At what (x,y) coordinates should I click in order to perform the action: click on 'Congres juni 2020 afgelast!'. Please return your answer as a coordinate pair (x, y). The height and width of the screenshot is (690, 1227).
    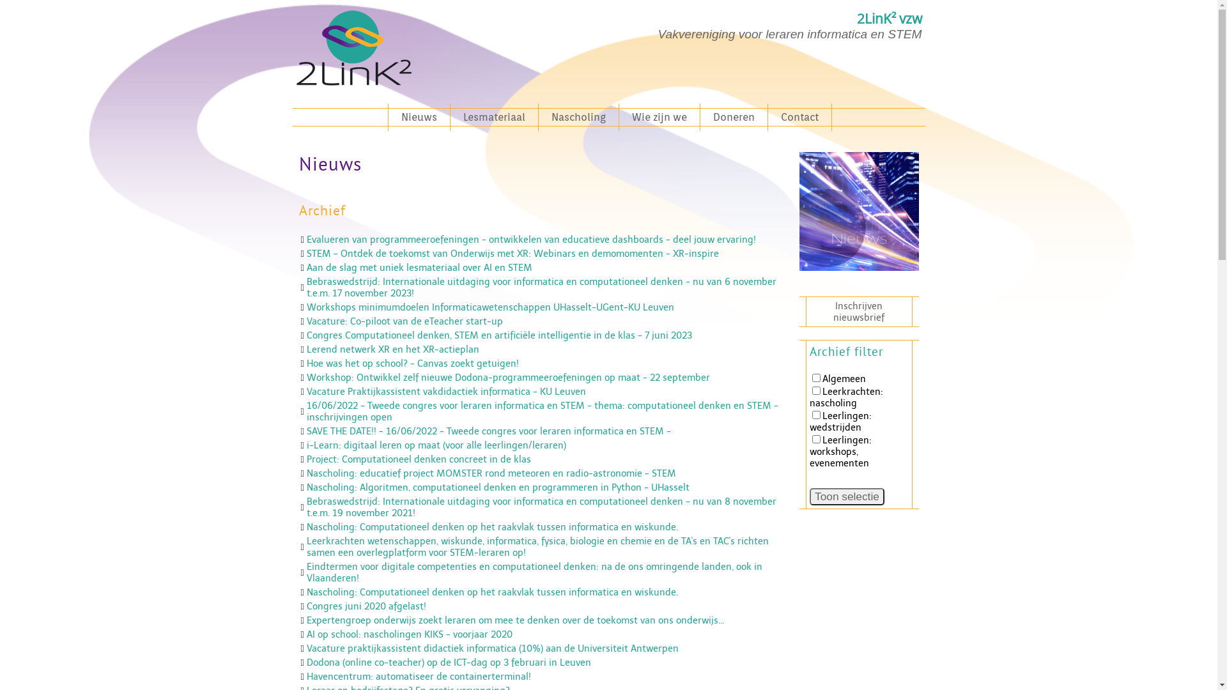
    Looking at the image, I should click on (366, 605).